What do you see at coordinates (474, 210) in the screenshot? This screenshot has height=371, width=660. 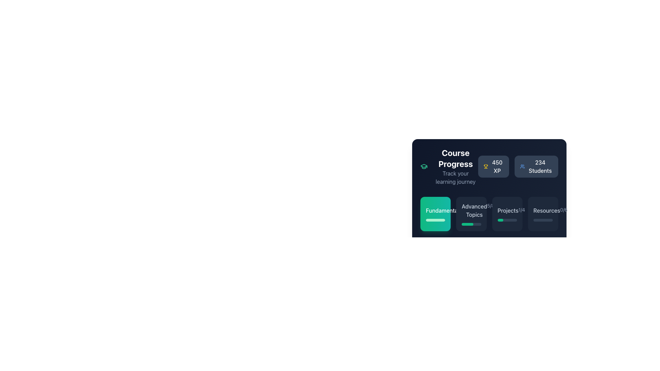 I see `the label displaying 'Advanced Topics', which is styled in light gray (#B0B8C4) and located above a progress bar` at bounding box center [474, 210].